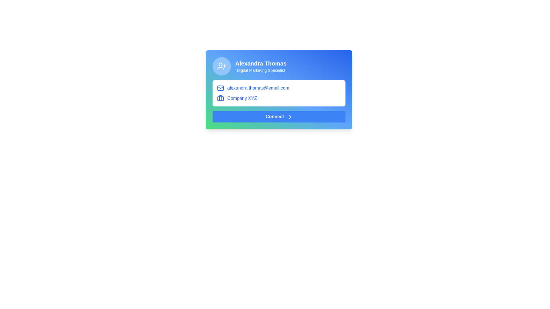  Describe the element at coordinates (220, 98) in the screenshot. I see `the briefcase icon located to the left of the text 'Company XYZ' in the card UI` at that location.